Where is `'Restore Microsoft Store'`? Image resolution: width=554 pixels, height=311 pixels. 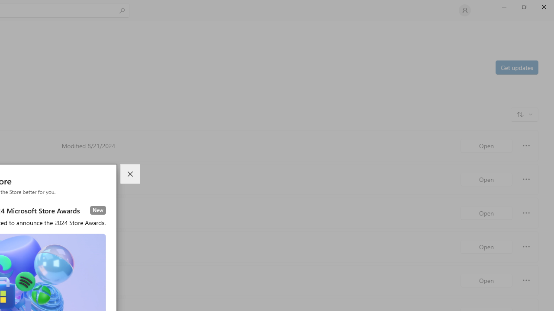
'Restore Microsoft Store' is located at coordinates (523, 6).